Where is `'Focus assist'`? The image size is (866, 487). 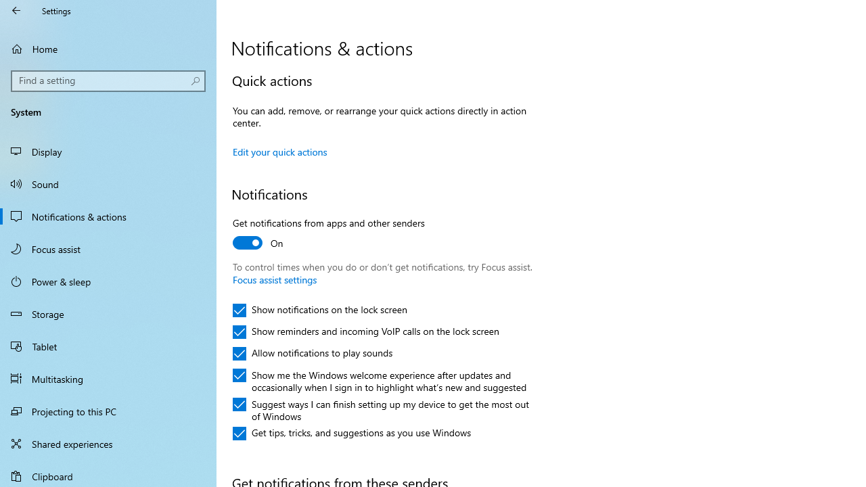
'Focus assist' is located at coordinates (108, 248).